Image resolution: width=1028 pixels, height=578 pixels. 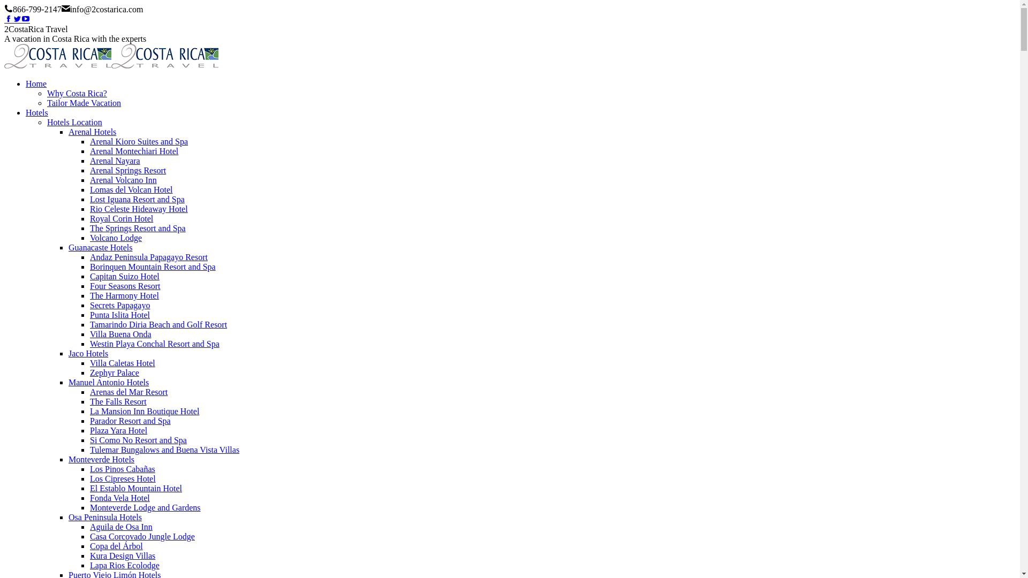 I want to click on 'Manuel Antonio Hotels', so click(x=108, y=382).